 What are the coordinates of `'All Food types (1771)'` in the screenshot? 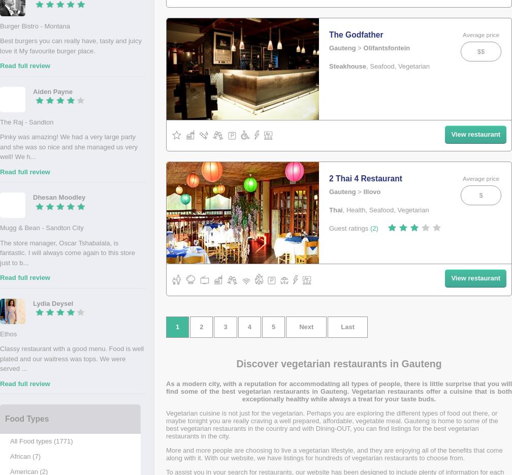 It's located at (41, 440).